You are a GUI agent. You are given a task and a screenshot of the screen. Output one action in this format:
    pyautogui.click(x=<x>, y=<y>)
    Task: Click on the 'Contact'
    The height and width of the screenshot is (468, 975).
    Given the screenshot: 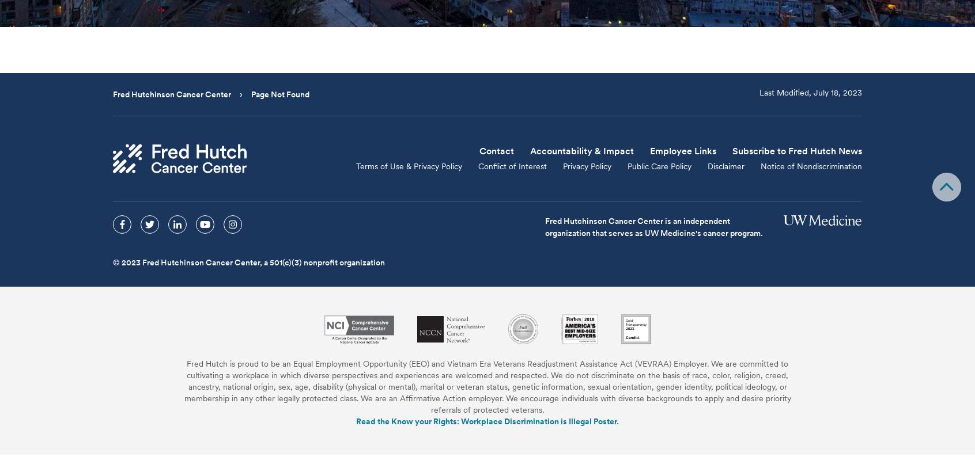 What is the action you would take?
    pyautogui.click(x=479, y=150)
    